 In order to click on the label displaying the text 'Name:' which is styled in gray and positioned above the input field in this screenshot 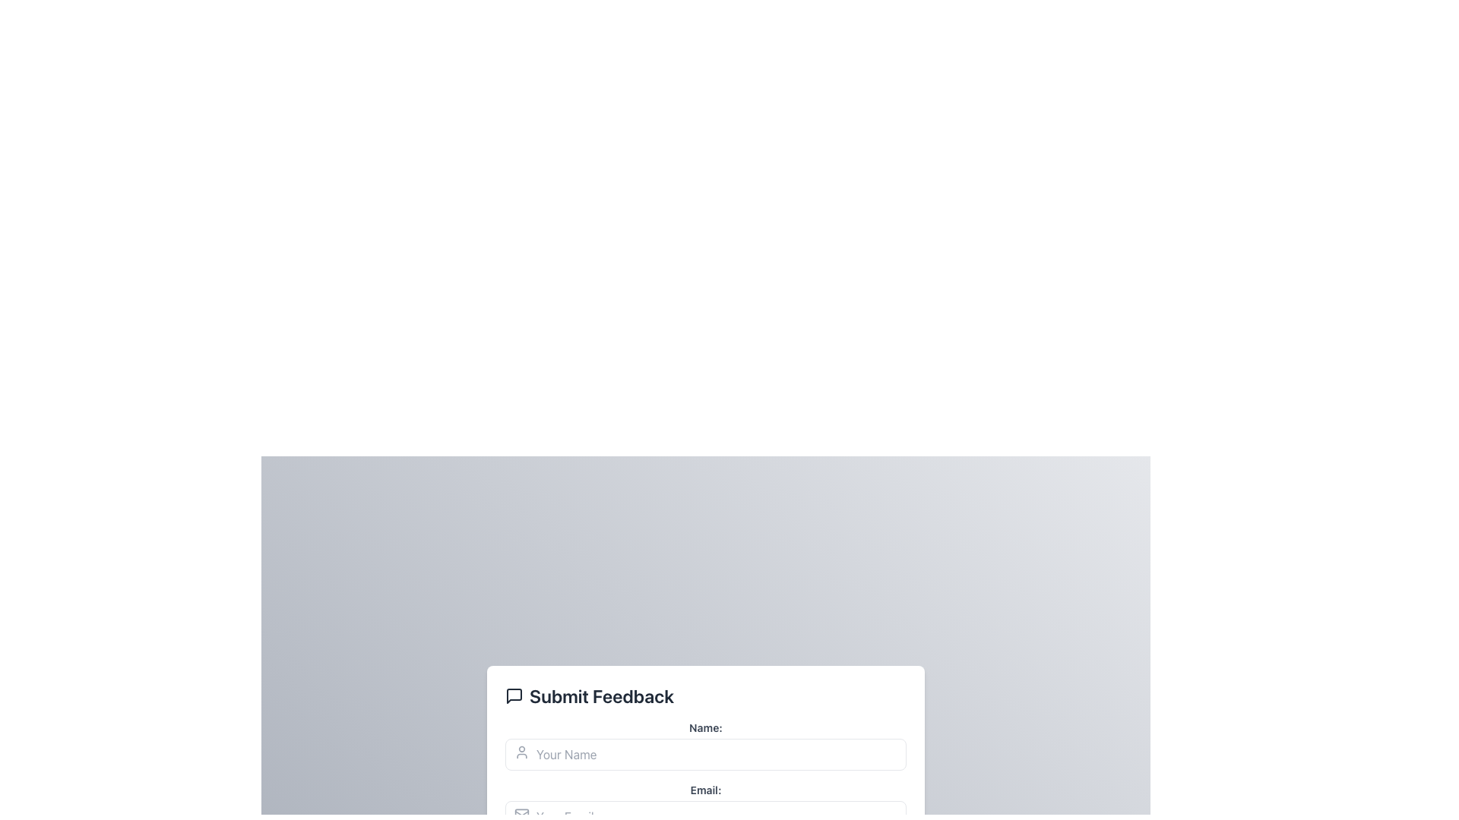, I will do `click(705, 727)`.